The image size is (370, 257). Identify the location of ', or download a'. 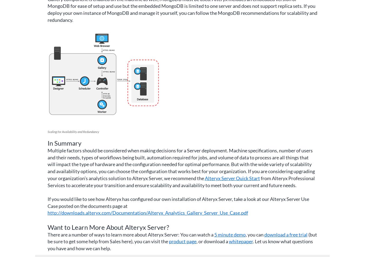
(196, 241).